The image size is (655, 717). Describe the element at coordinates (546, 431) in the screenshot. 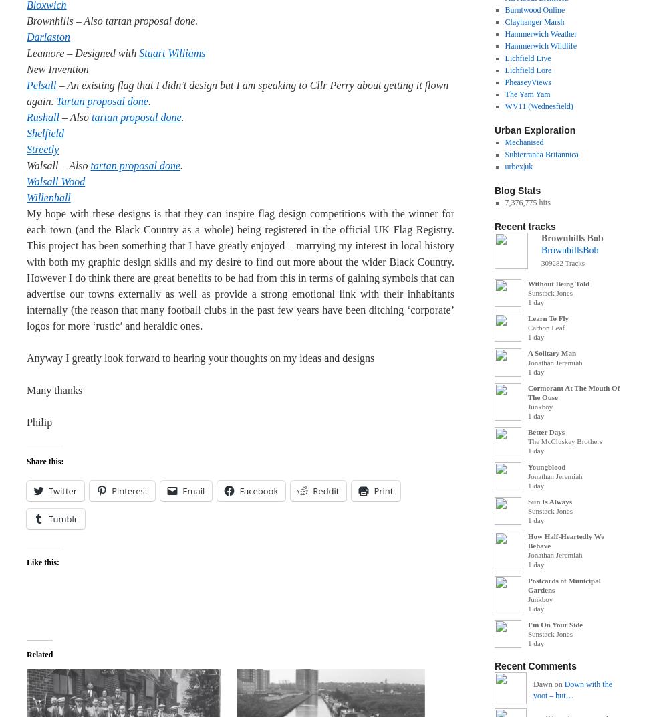

I see `'Better Days'` at that location.